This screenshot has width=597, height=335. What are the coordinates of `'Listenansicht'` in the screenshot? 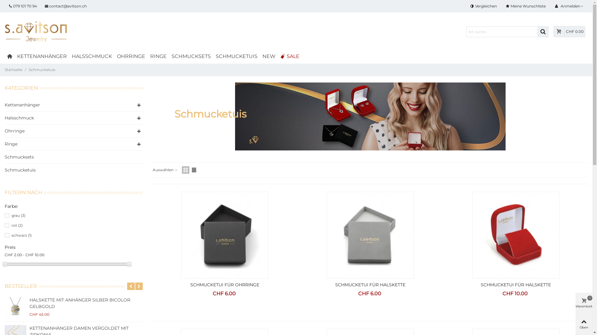 It's located at (194, 170).